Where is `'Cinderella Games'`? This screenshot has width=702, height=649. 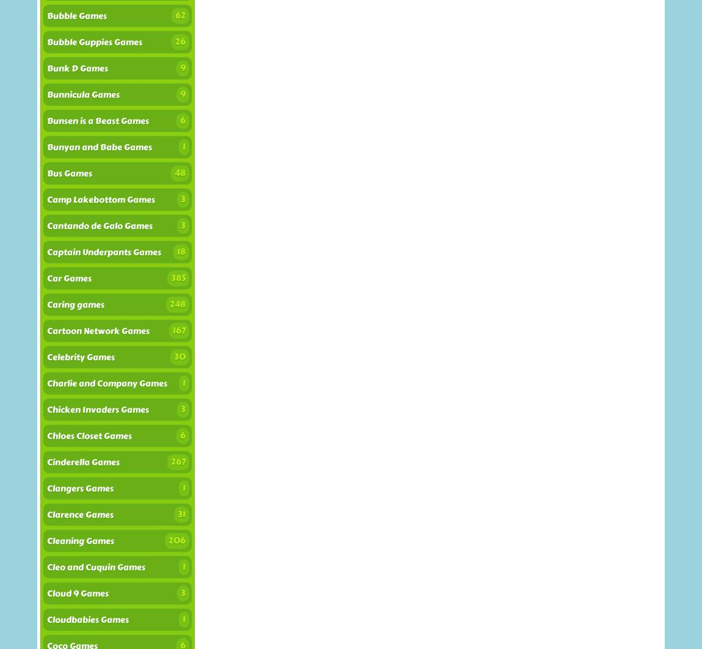
'Cinderella Games' is located at coordinates (82, 462).